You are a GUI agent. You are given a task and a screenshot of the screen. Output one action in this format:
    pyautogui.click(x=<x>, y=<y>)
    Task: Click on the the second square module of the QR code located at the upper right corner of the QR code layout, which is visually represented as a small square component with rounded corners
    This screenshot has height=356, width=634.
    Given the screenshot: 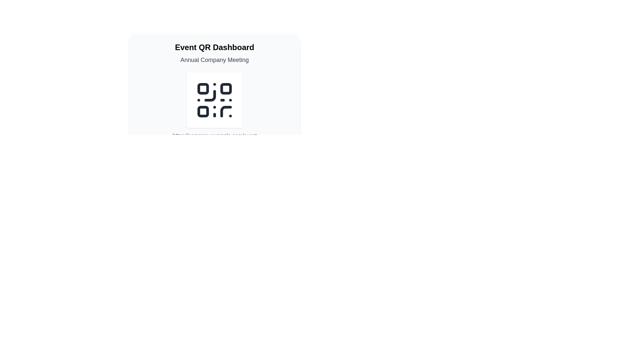 What is the action you would take?
    pyautogui.click(x=226, y=88)
    